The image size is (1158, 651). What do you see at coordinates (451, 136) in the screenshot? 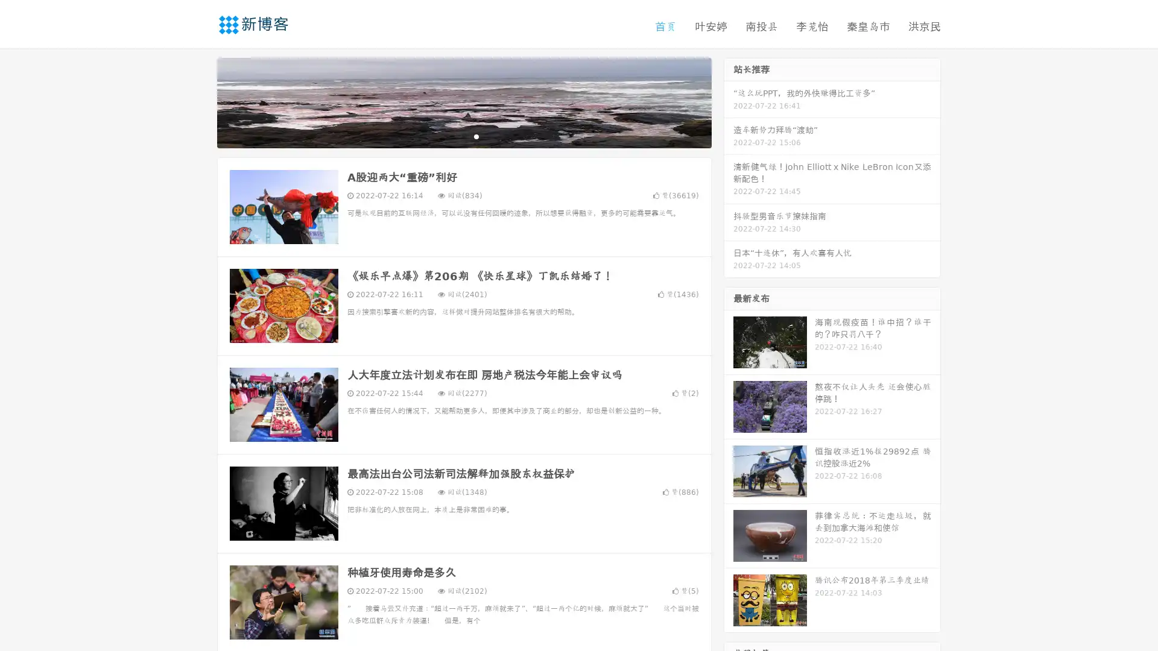
I see `Go to slide 1` at bounding box center [451, 136].